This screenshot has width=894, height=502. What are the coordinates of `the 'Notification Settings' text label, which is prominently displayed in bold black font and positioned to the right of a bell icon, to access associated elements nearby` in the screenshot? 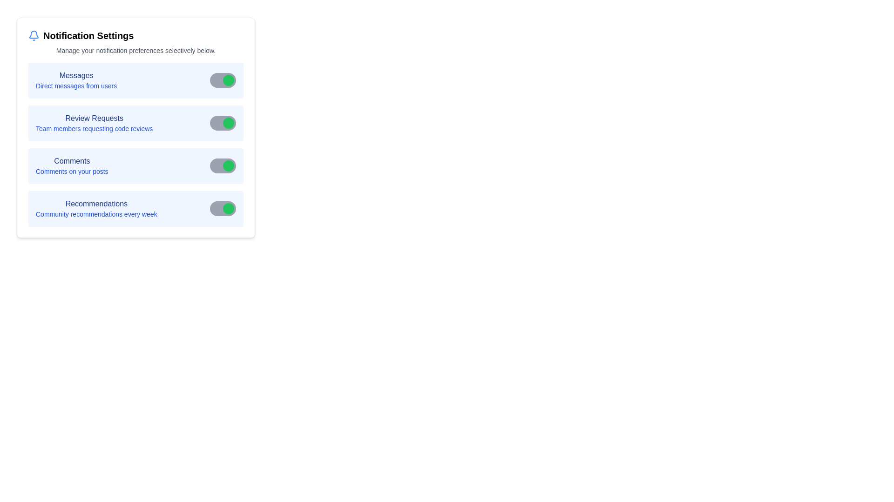 It's located at (88, 35).